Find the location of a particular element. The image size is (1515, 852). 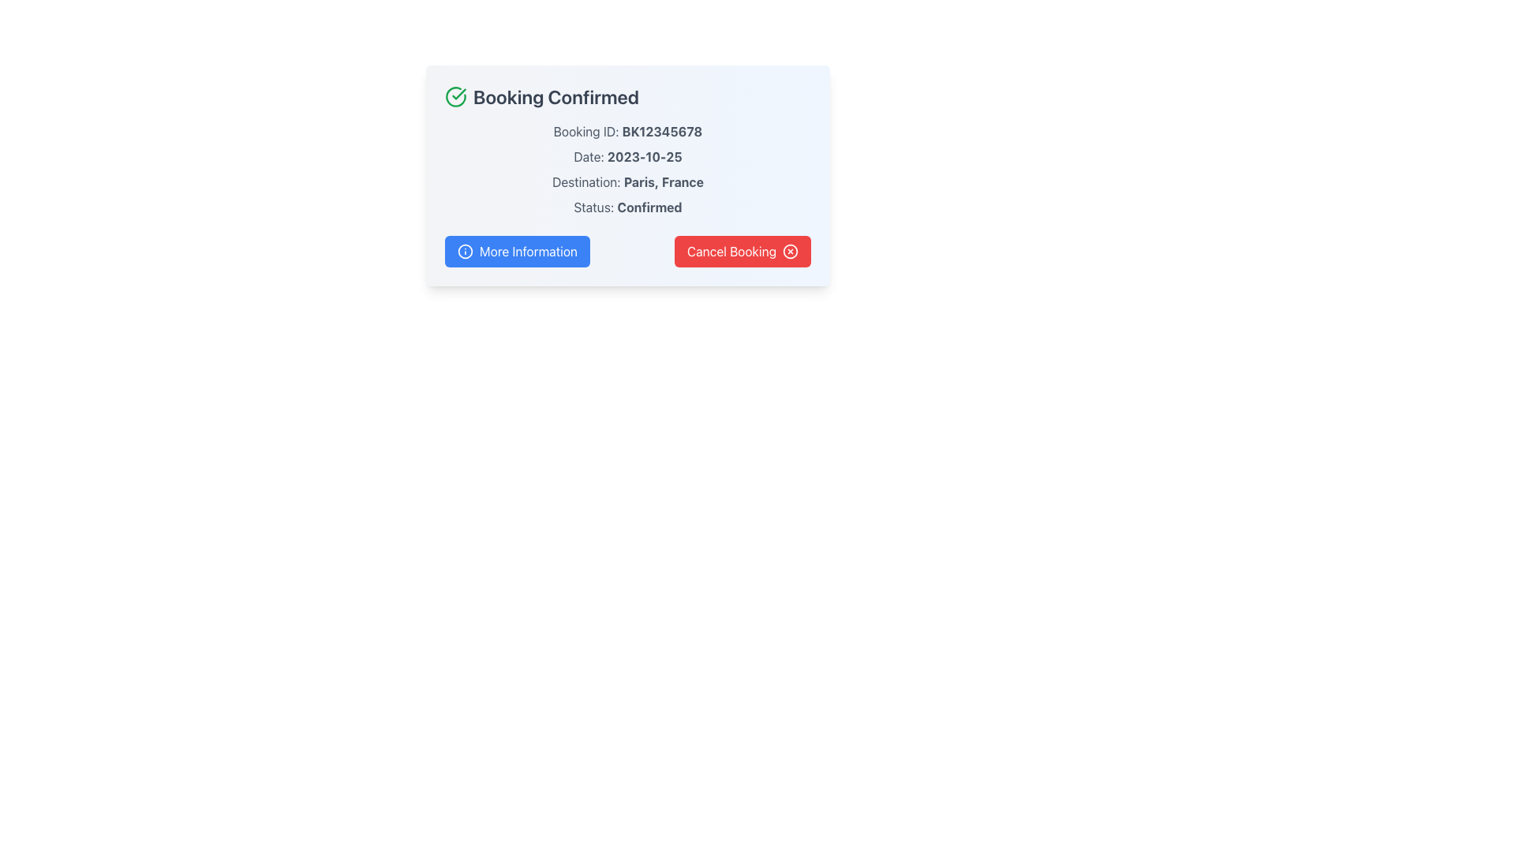

the circular green checkmark icon representing a confirmation status, located to the left of the 'Booking Confirmed' text in the header of the card-style component is located at coordinates (454, 97).